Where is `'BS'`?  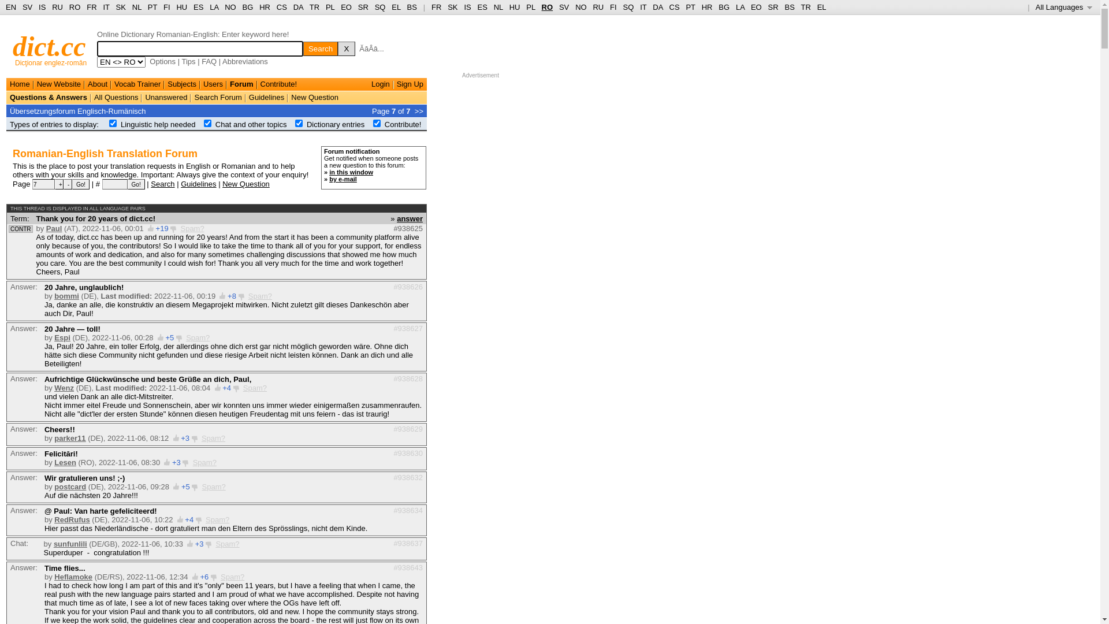
'BS' is located at coordinates (412, 7).